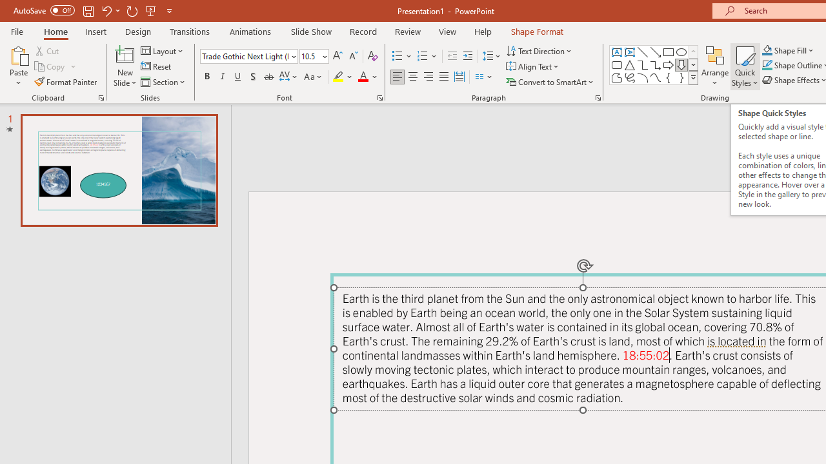 The height and width of the screenshot is (464, 826). What do you see at coordinates (642, 52) in the screenshot?
I see `'Line'` at bounding box center [642, 52].